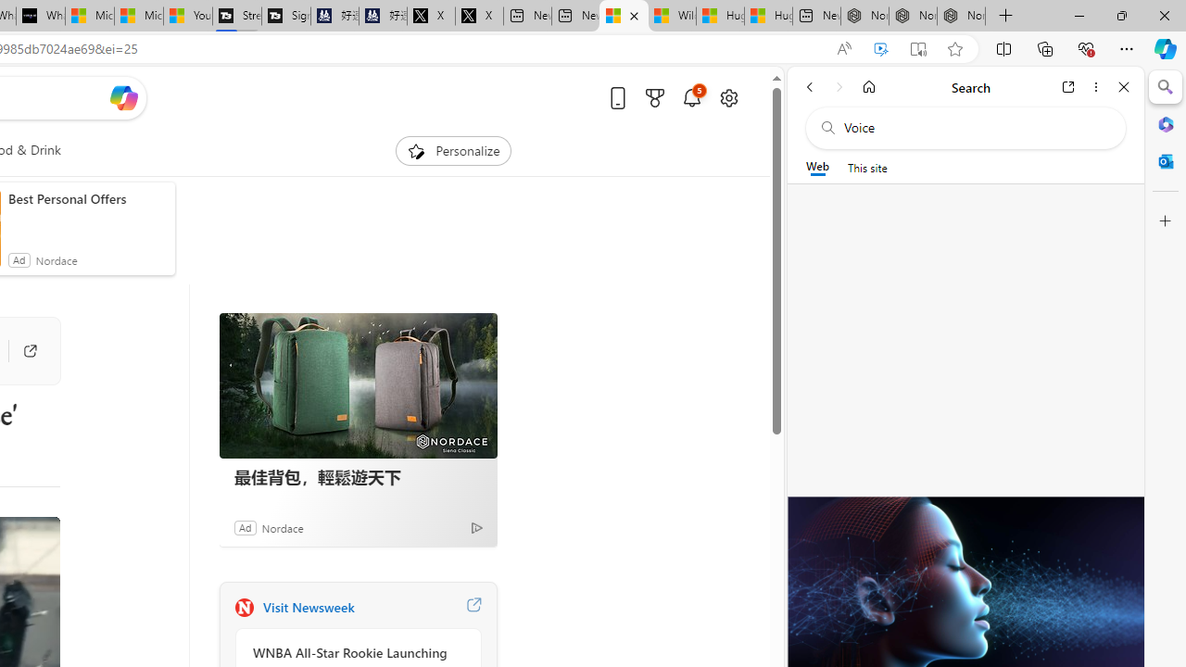  I want to click on 'Open link in new tab', so click(1068, 86).